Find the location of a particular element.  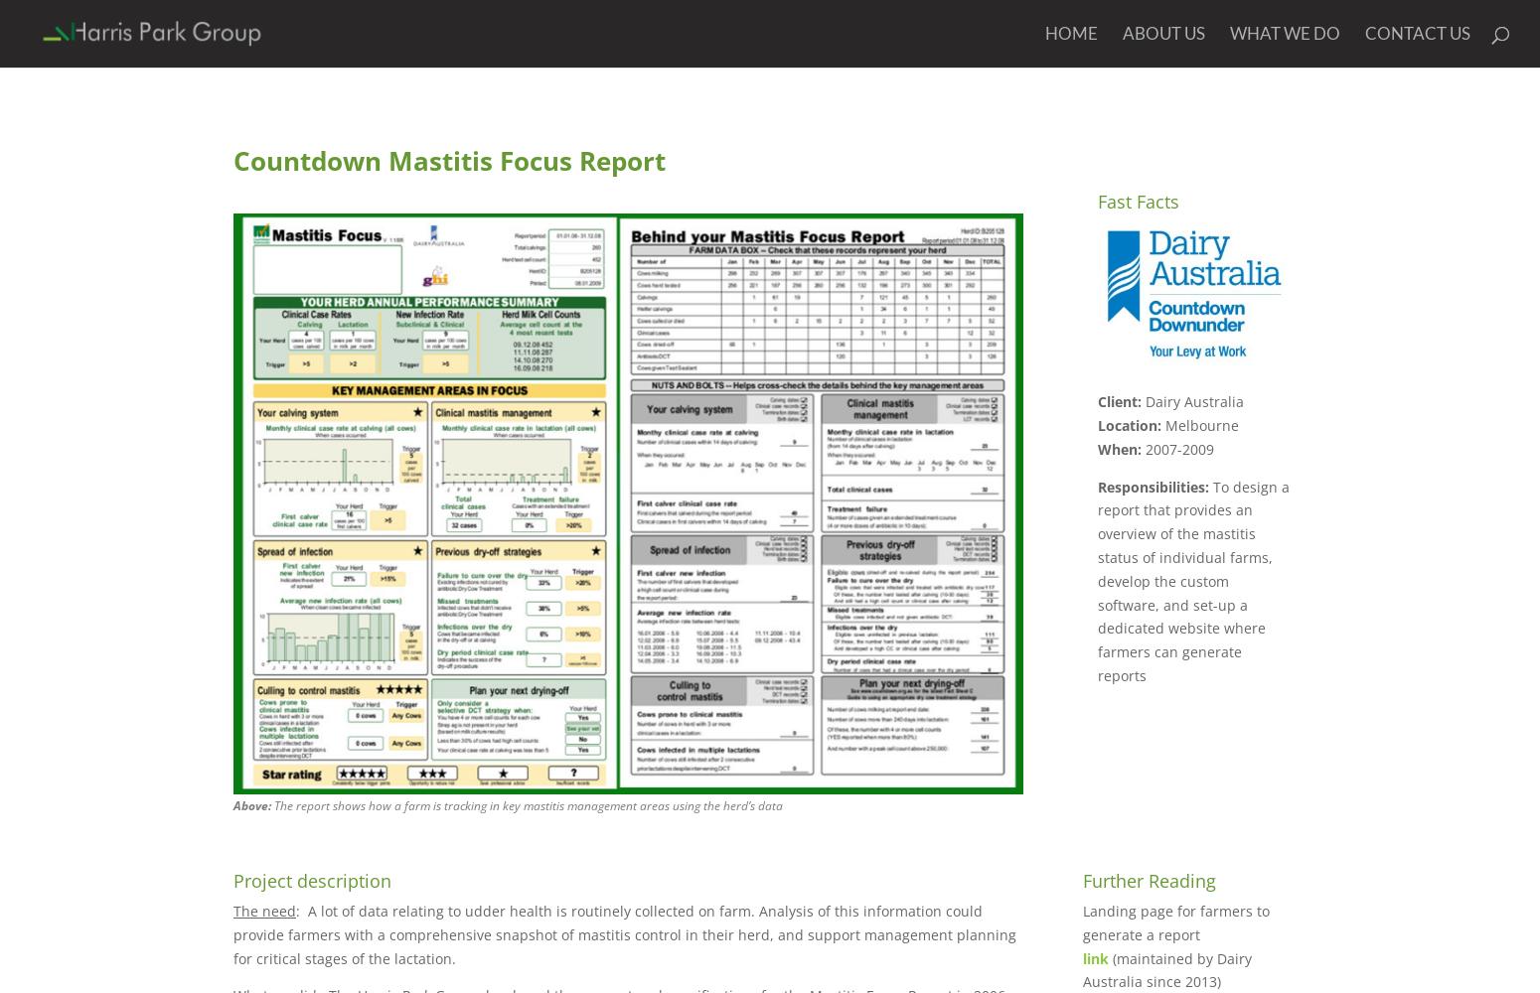

'Dairy Australia' is located at coordinates (1191, 401).